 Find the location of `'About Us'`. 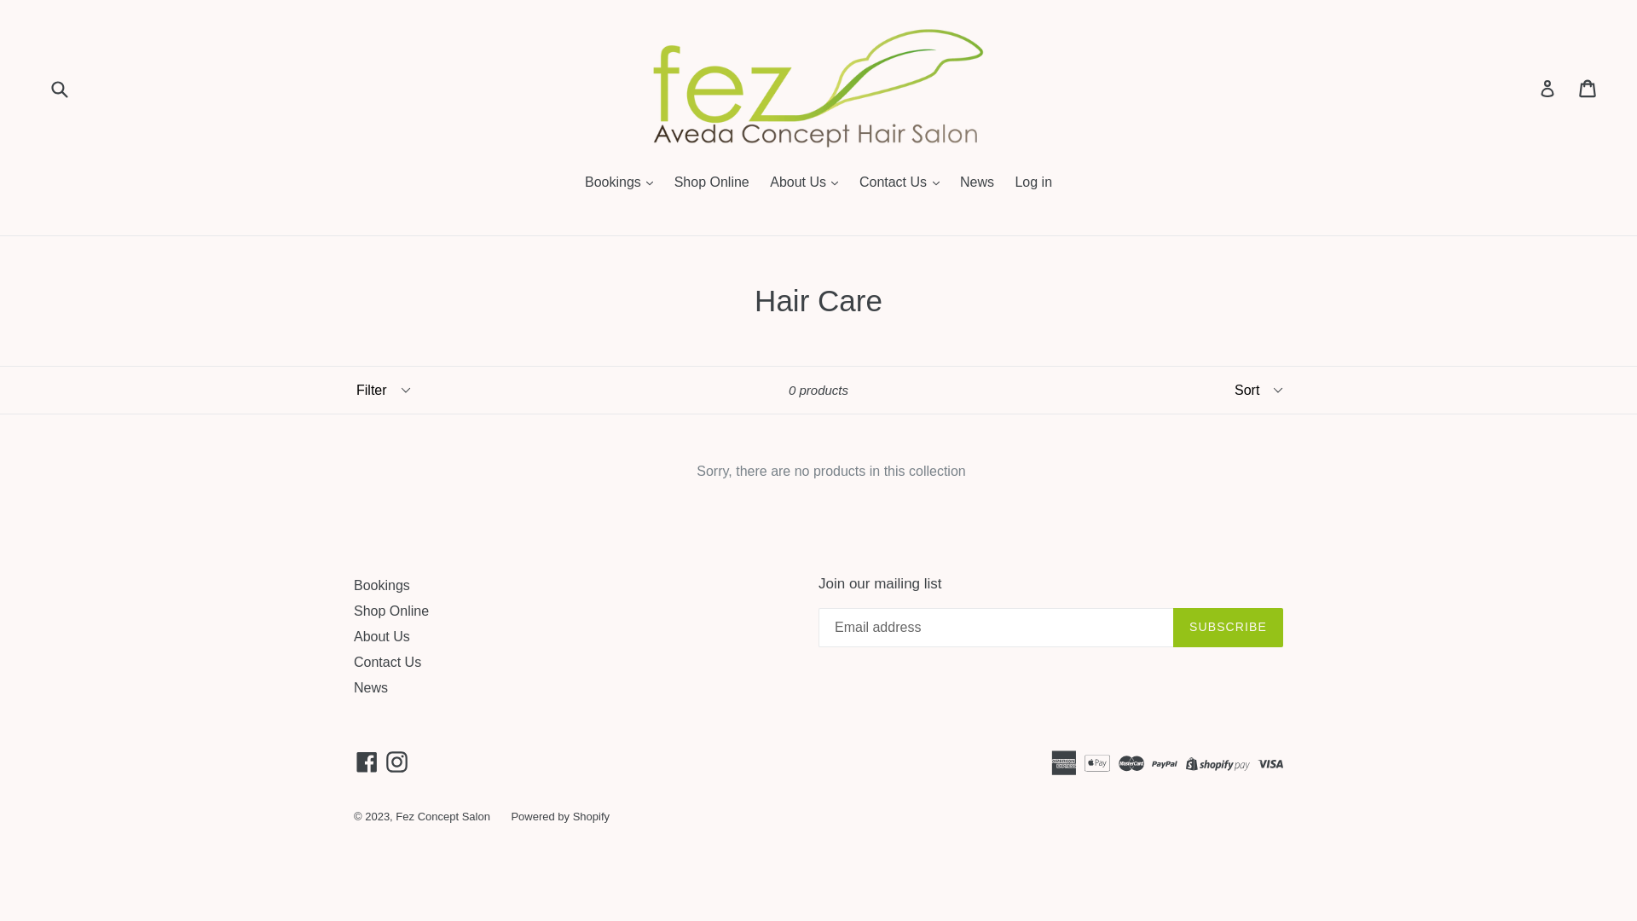

'About Us' is located at coordinates (380, 636).